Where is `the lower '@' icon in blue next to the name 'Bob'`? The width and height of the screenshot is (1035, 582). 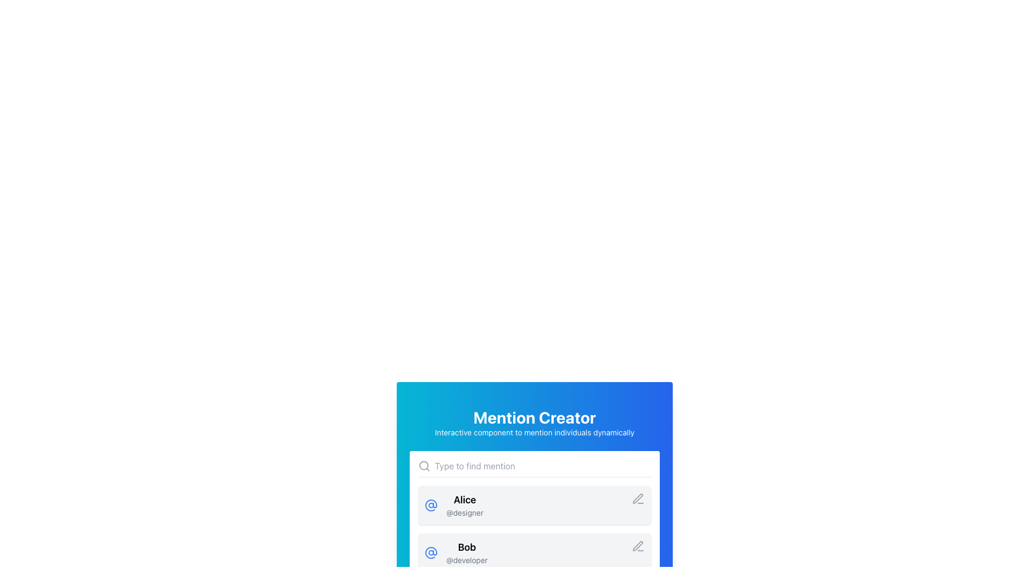
the lower '@' icon in blue next to the name 'Bob' is located at coordinates (431, 553).